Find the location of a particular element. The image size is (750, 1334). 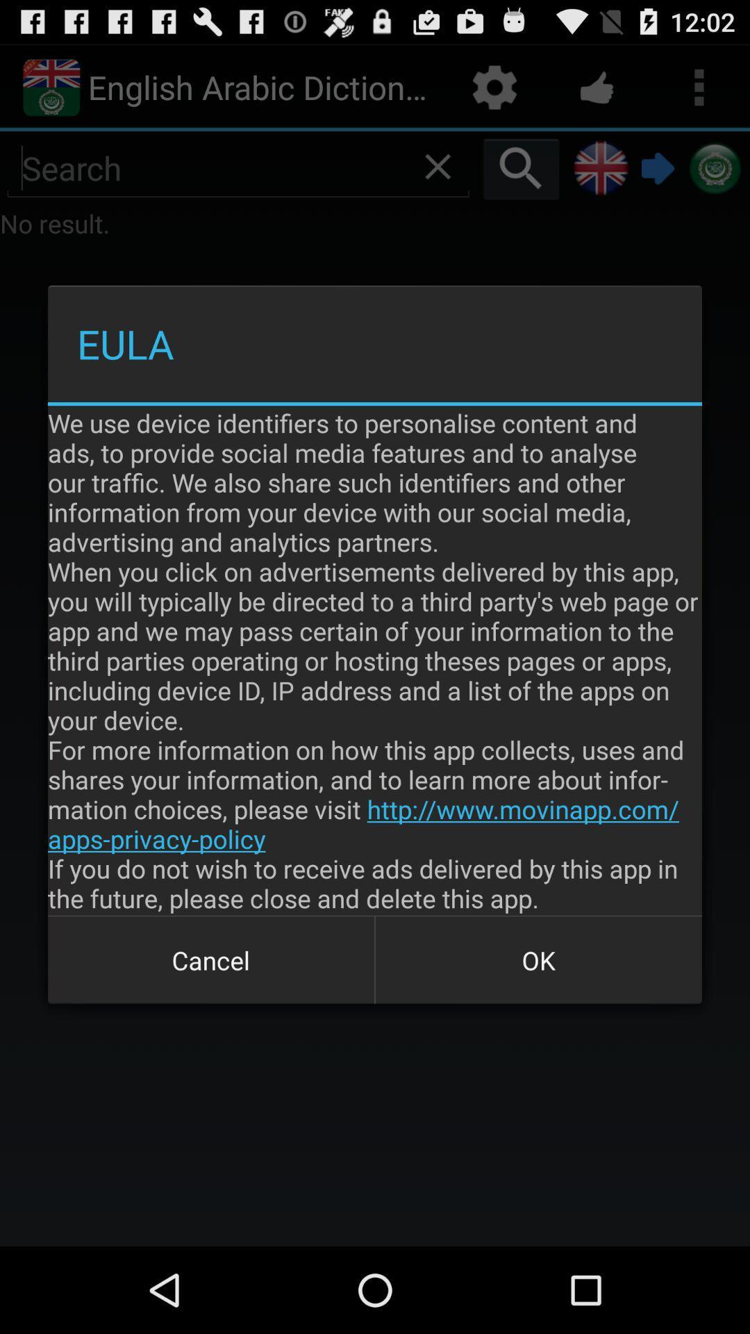

the cancel button is located at coordinates (211, 960).